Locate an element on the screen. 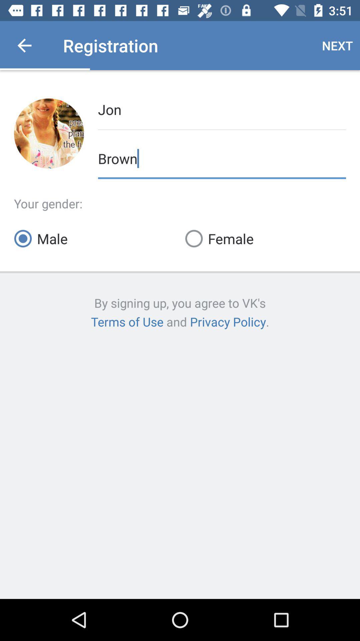 The height and width of the screenshot is (641, 360). jon item is located at coordinates (222, 109).